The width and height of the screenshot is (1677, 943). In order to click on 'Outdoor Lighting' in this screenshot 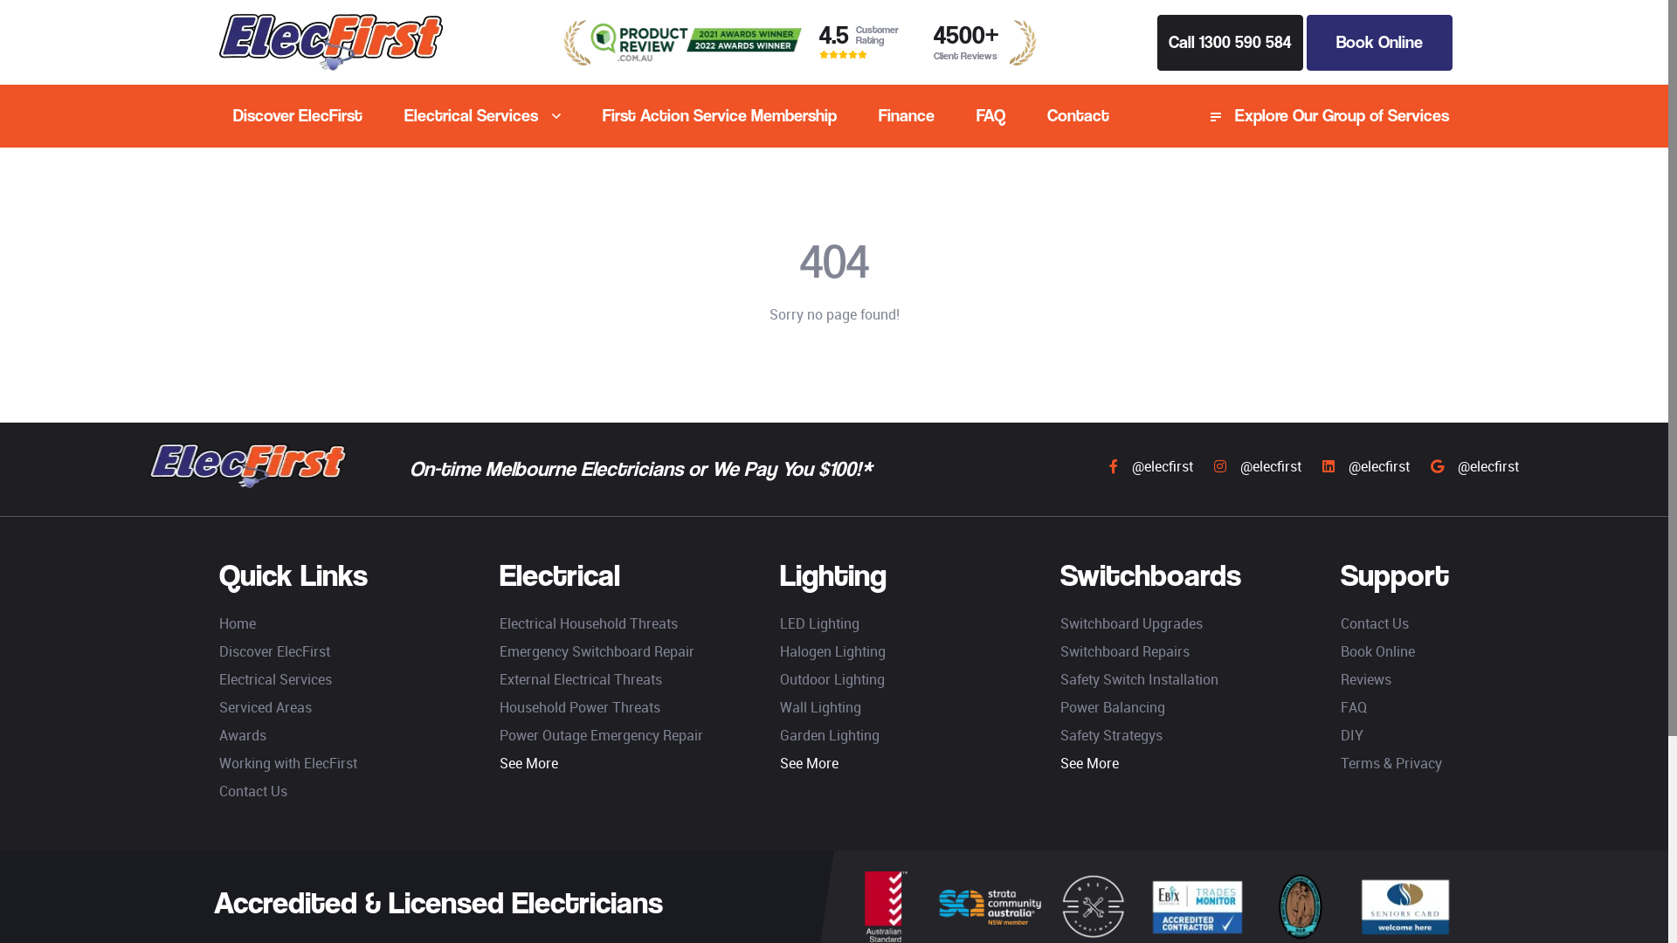, I will do `click(832, 678)`.